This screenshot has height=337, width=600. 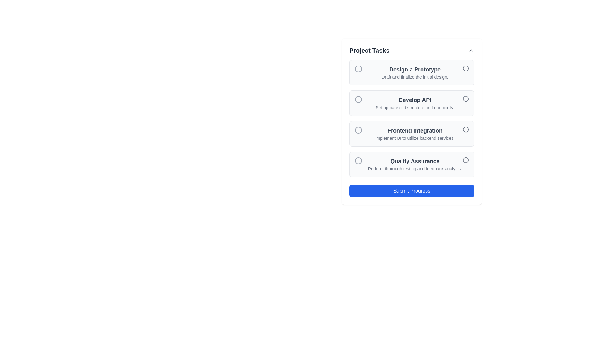 I want to click on the circular icon button with an embedded information symbol located beside the text 'Frontend Integration' in the third position of the task list, so click(x=466, y=129).